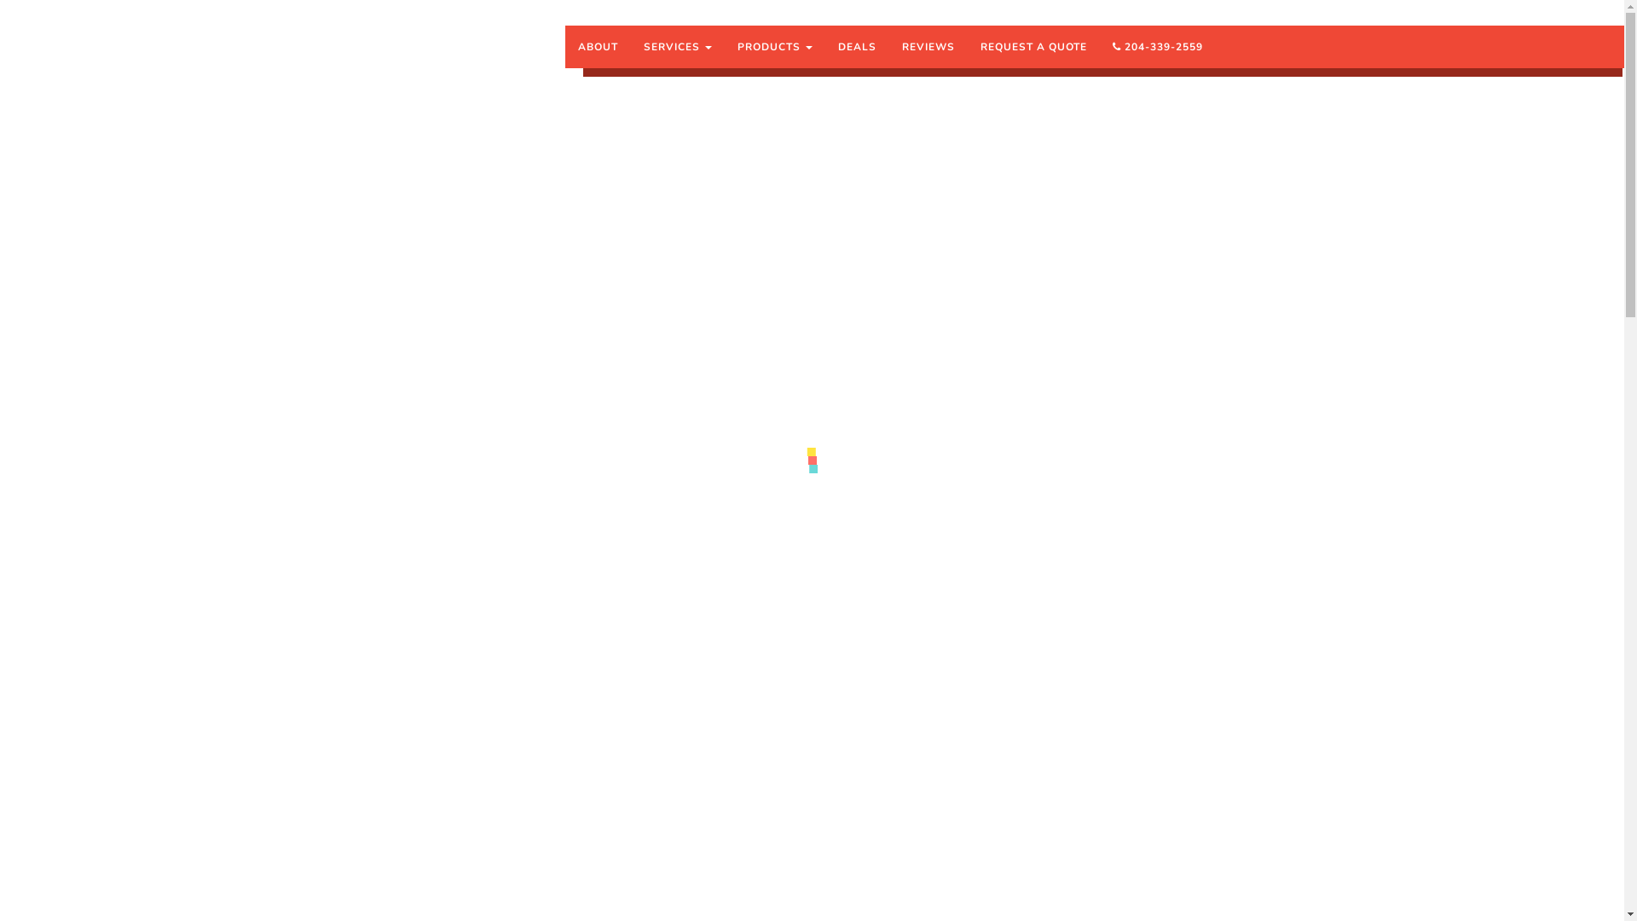  I want to click on '204-339-2559', so click(1158, 45).